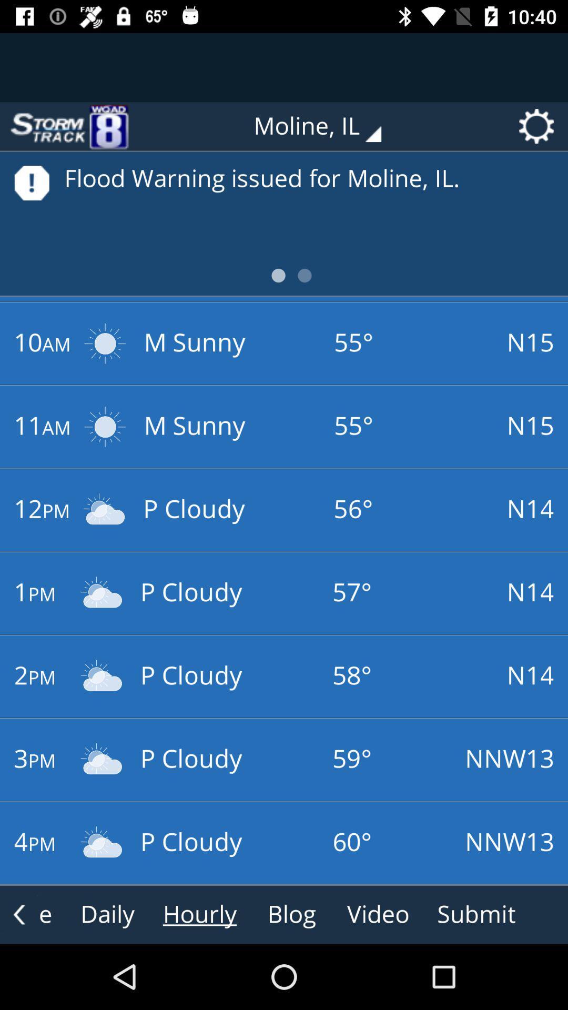  Describe the element at coordinates (19, 914) in the screenshot. I see `the arrow_backward icon` at that location.